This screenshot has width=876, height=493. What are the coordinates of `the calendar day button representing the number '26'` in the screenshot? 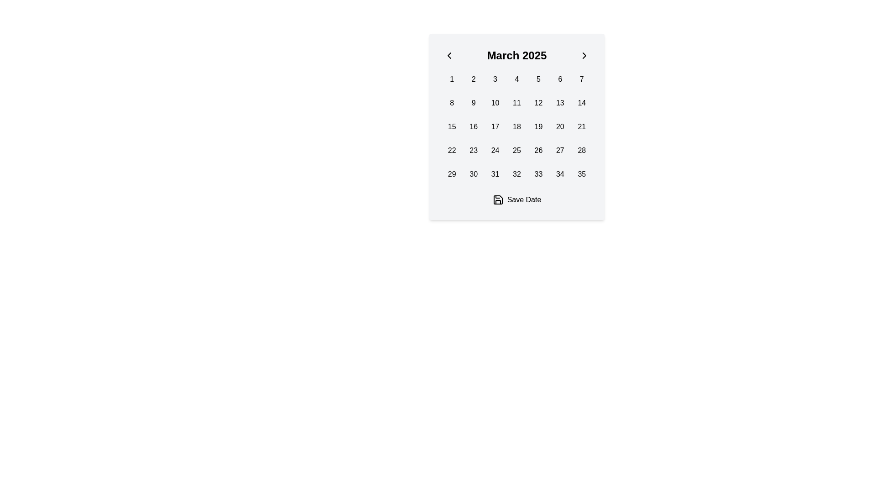 It's located at (538, 150).